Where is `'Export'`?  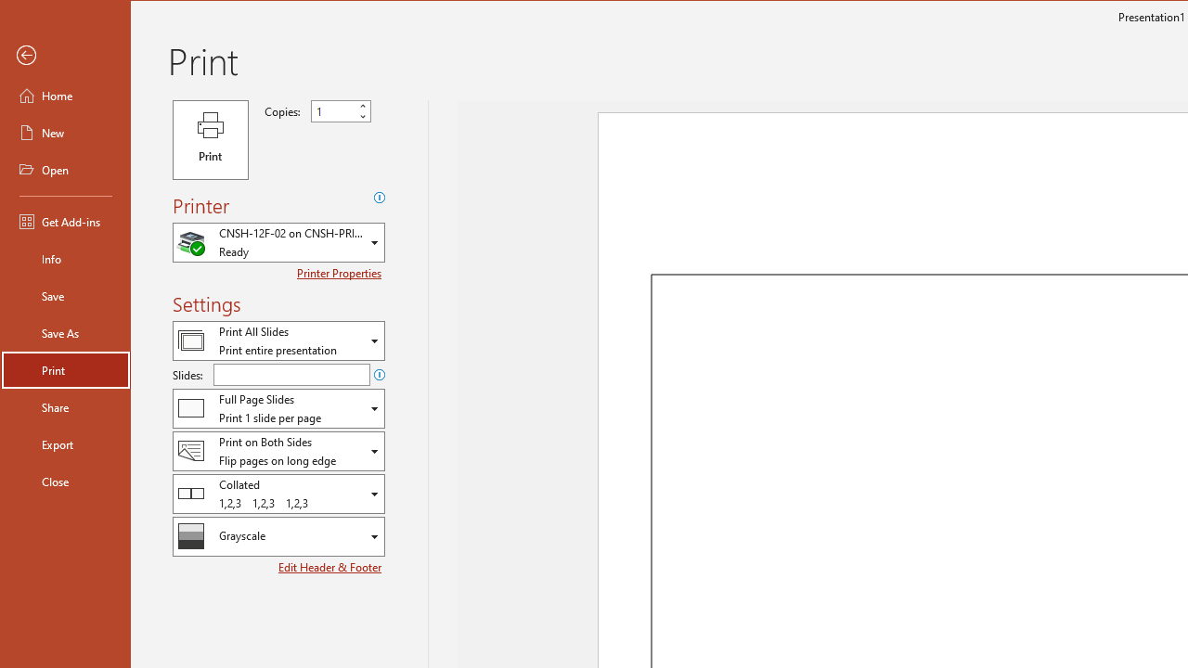 'Export' is located at coordinates (66, 444).